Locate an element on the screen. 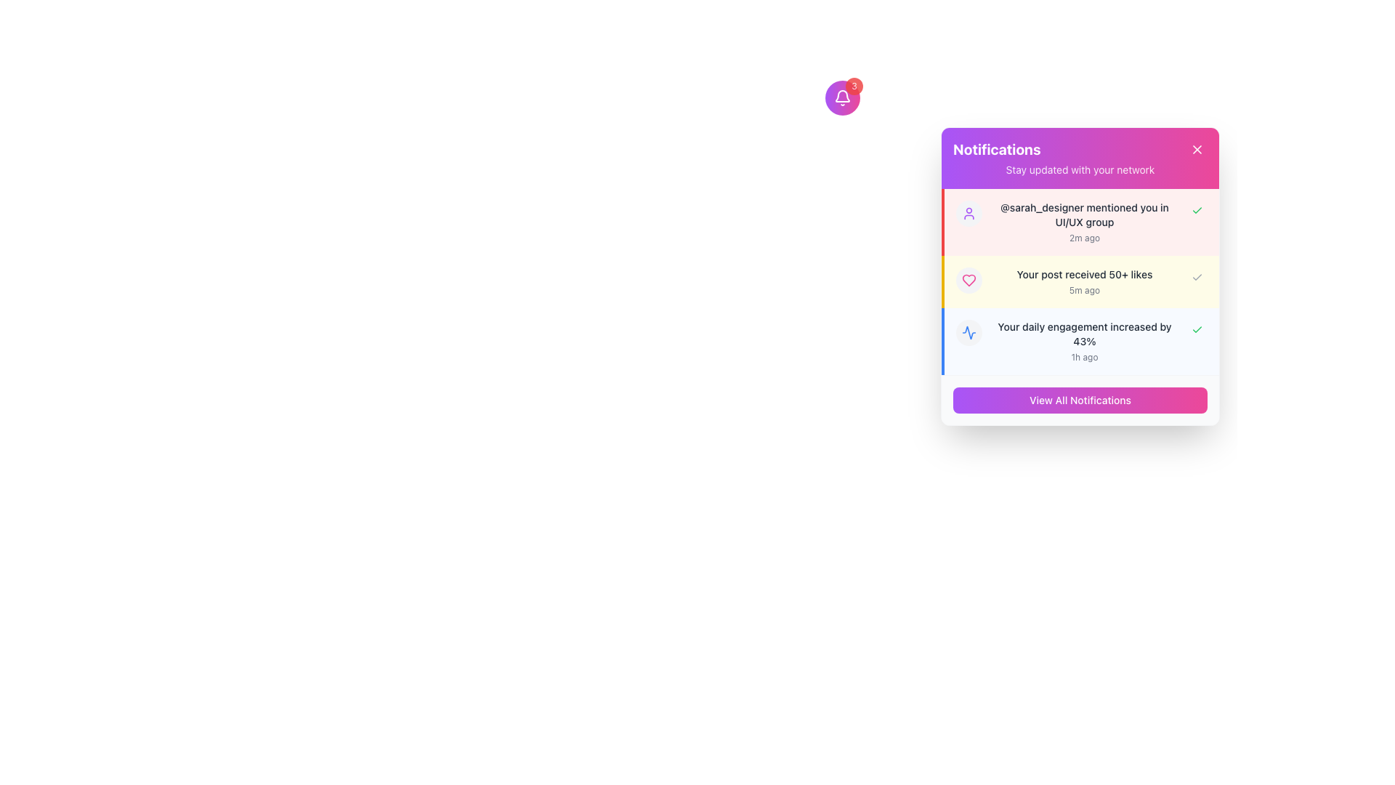 This screenshot has width=1395, height=785. notification message indicating an increase in daily engagement by 43%, located in the third notification entry of the notification panel, positioned below the text 'Your post received 50+ likes.' is located at coordinates (1084, 334).